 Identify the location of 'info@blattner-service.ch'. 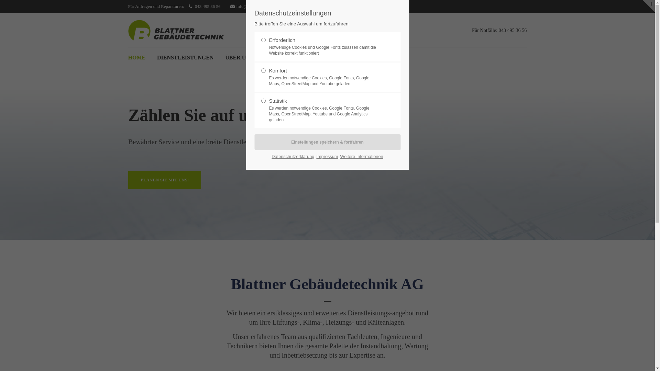
(254, 7).